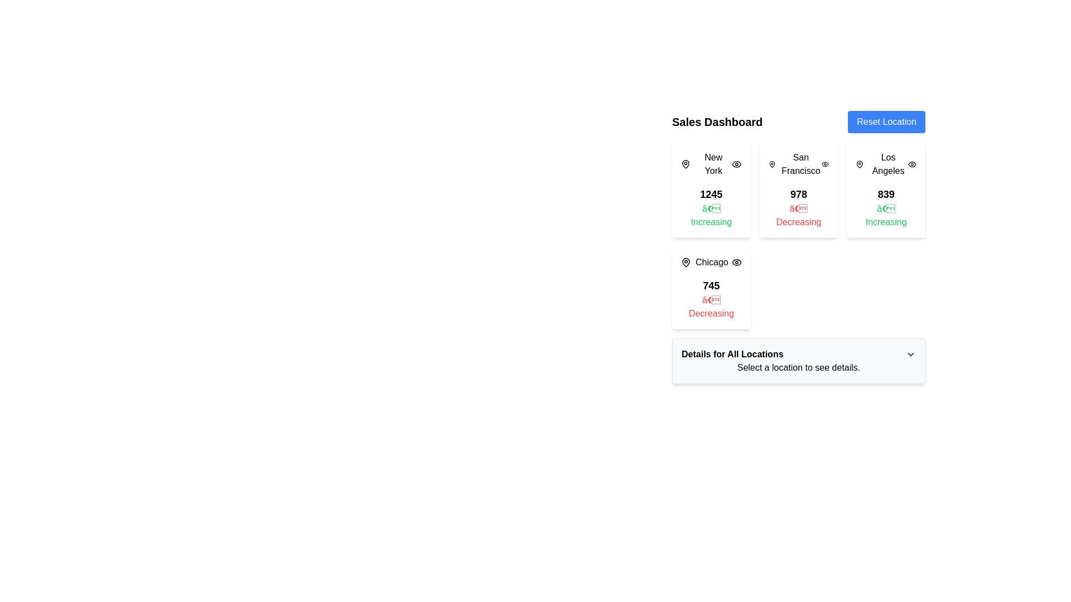 Image resolution: width=1071 pixels, height=602 pixels. What do you see at coordinates (685, 164) in the screenshot?
I see `the map pin icon located to the left of the 'New York' label, which is styled as a minimalist outline with a circular center and a pointed bottom` at bounding box center [685, 164].